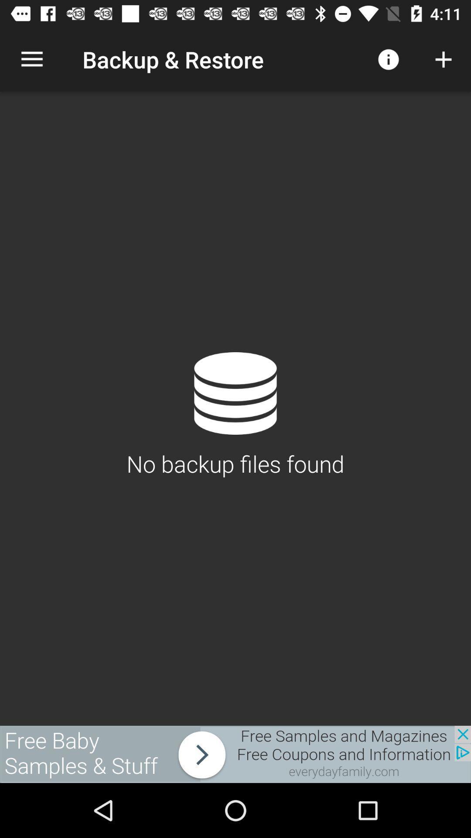  I want to click on rectangle linking to baby products, so click(235, 754).